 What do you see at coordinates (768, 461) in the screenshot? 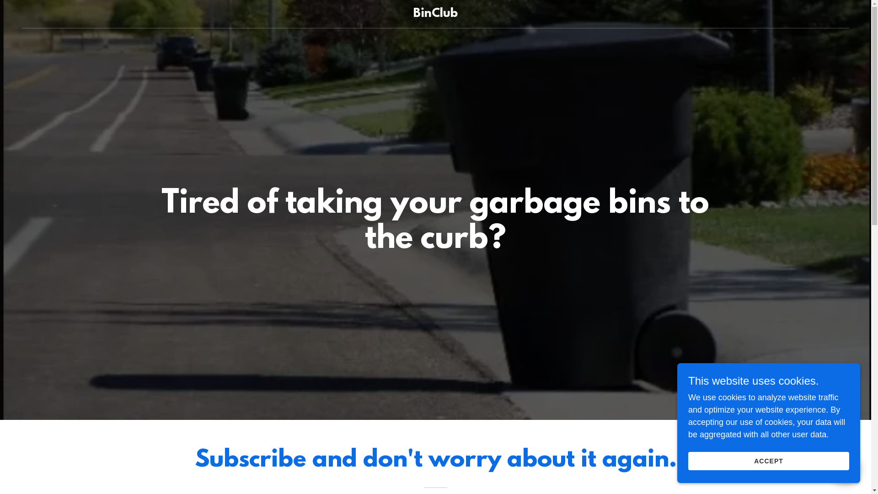
I see `'ACCEPT'` at bounding box center [768, 461].